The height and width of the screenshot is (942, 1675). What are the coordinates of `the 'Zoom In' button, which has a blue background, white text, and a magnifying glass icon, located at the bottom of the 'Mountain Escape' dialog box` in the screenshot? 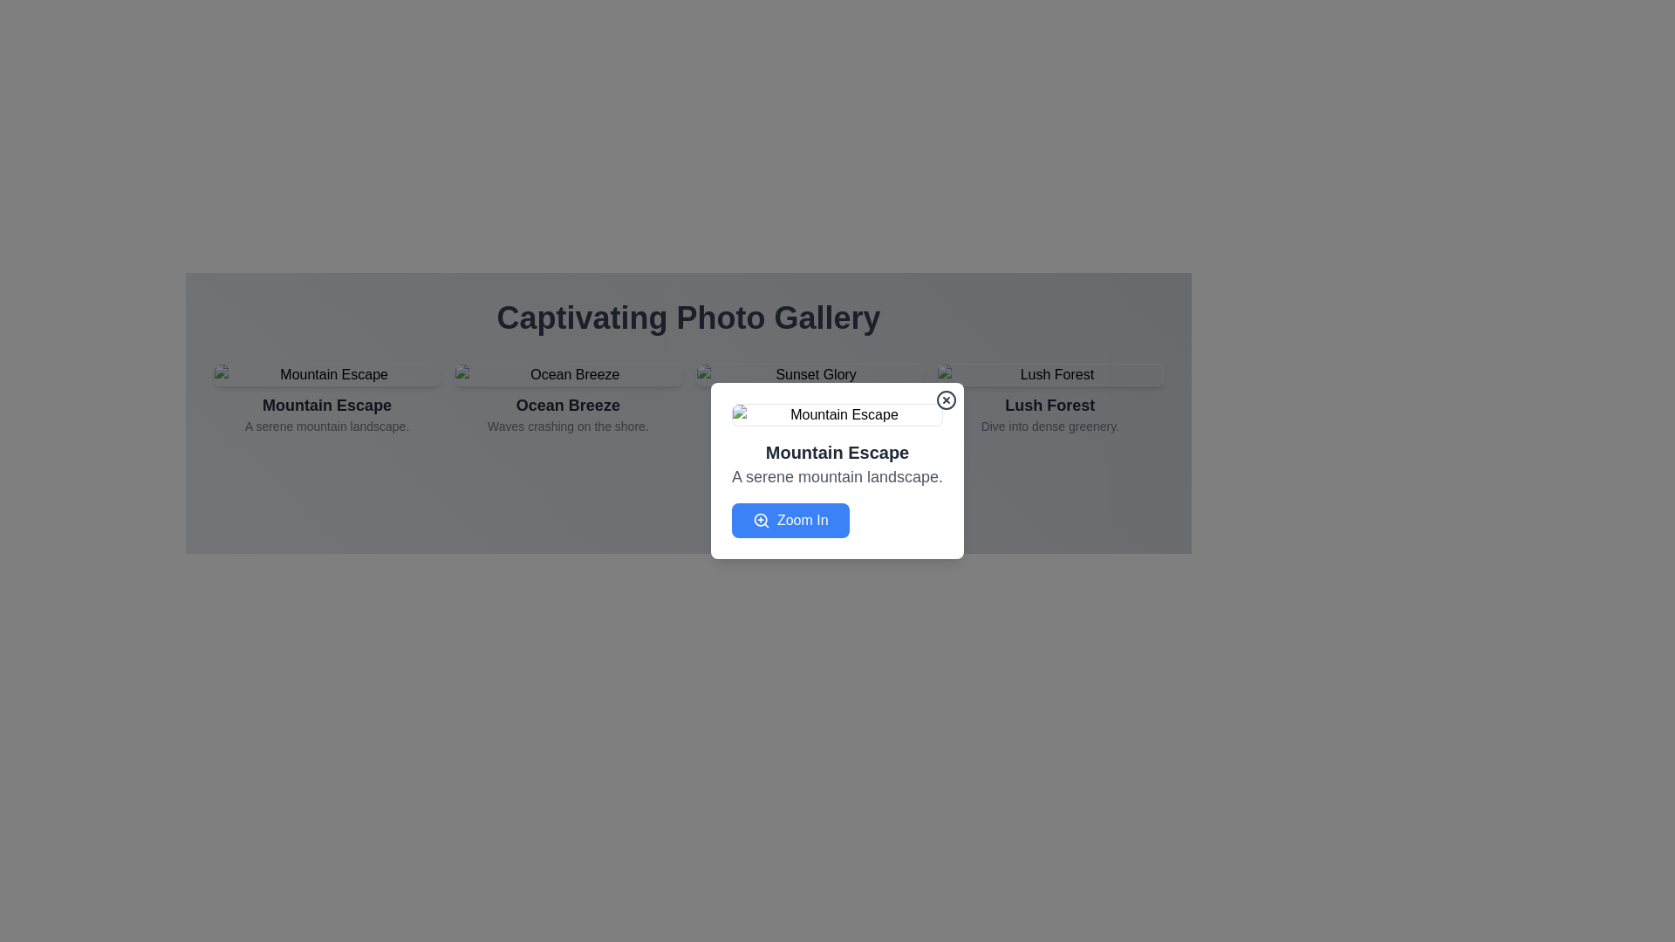 It's located at (790, 520).